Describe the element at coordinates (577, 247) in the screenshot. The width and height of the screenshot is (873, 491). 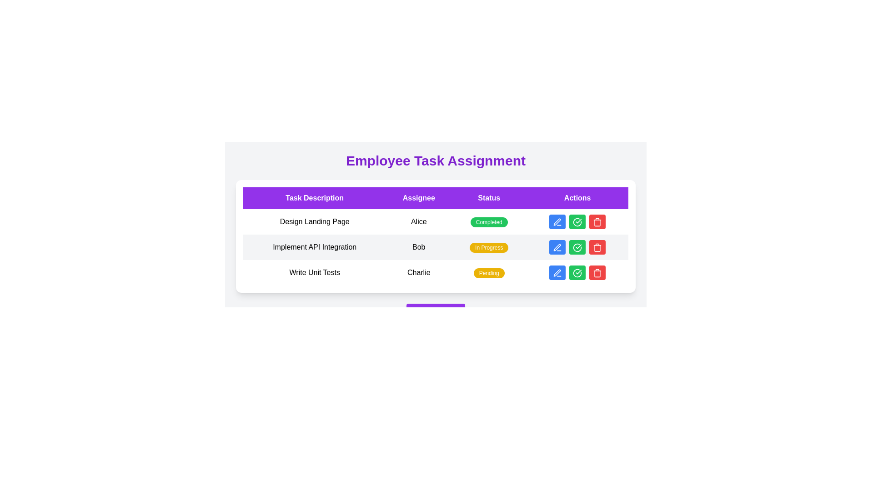
I see `the green button with rounded corners and a checkmark icon in the 'Actions' column for 'Bob' to trigger tooltip or effects` at that location.